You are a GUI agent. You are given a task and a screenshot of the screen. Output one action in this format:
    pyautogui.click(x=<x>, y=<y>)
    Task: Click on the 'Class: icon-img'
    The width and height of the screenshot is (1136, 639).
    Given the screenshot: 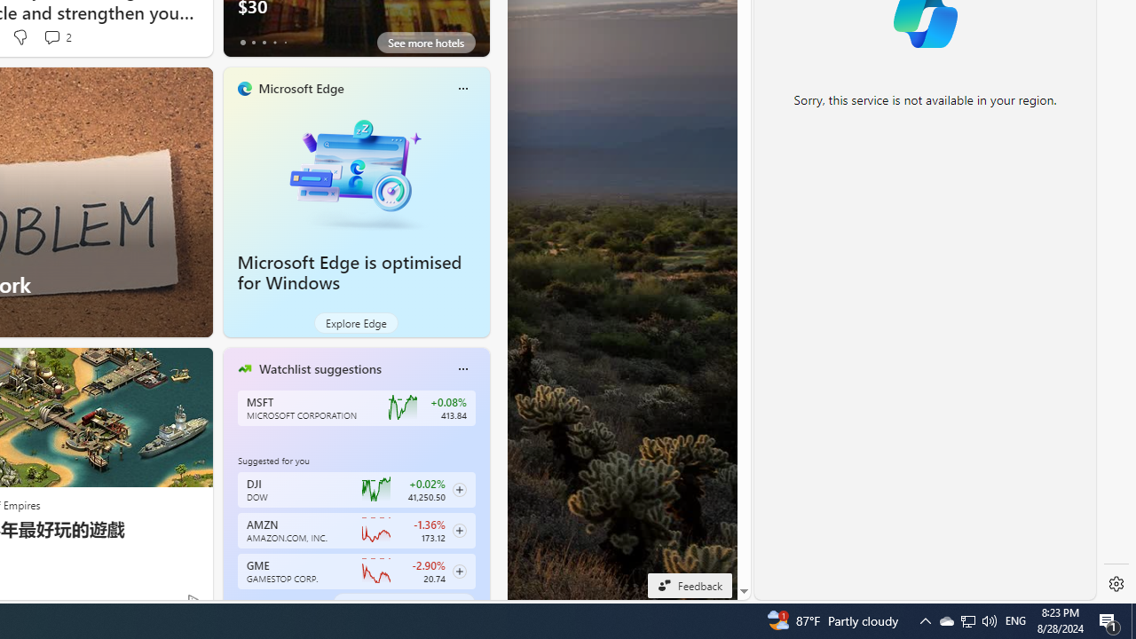 What is the action you would take?
    pyautogui.click(x=462, y=368)
    